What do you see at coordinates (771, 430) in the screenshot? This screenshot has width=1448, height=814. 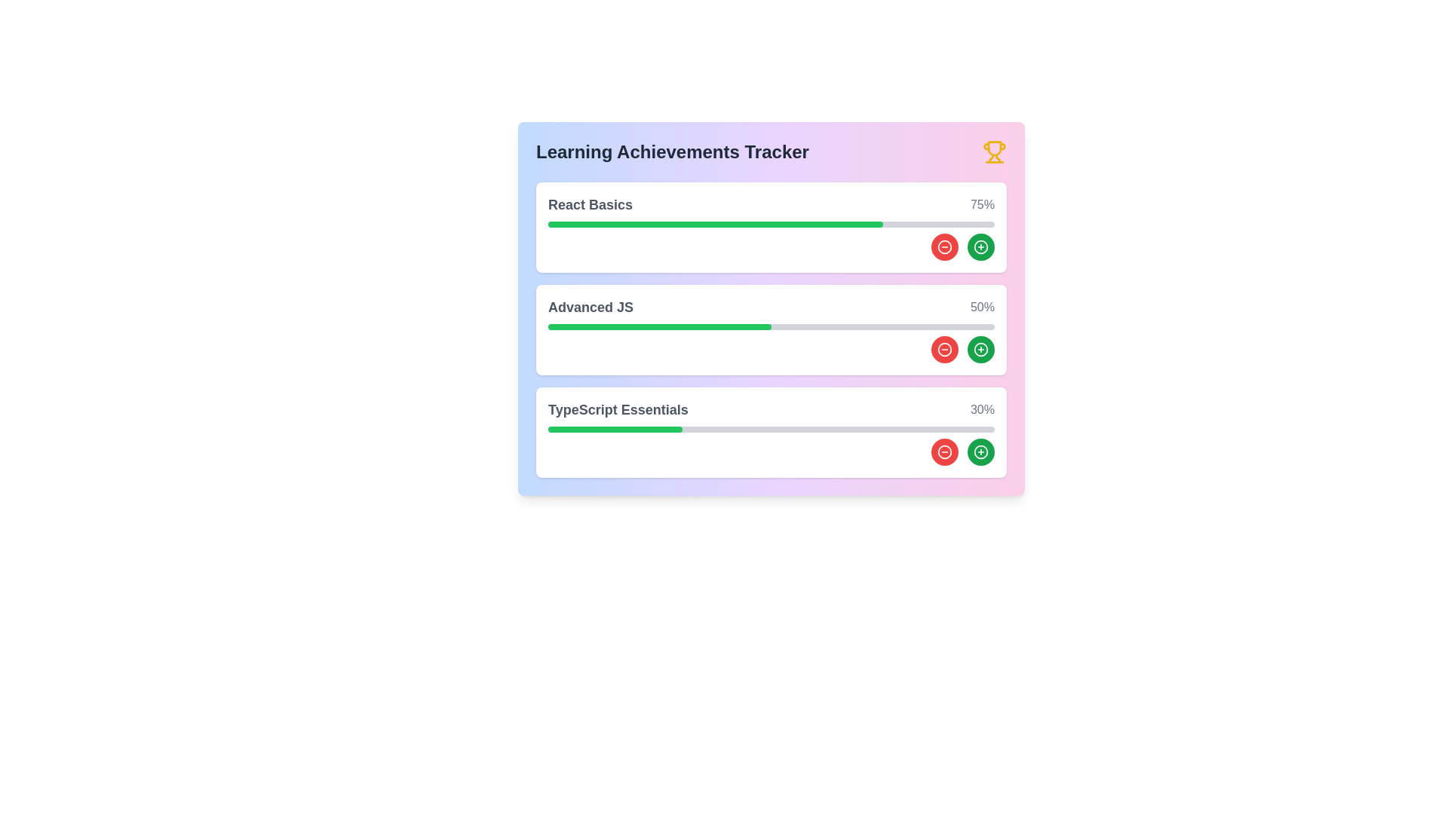 I see `the progress bar located in the 'TypeScript Essentials' section, which is beneath the heading and represents the progress with a green segment on the left` at bounding box center [771, 430].